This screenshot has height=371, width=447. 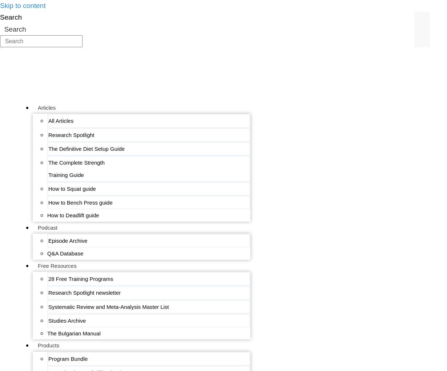 What do you see at coordinates (76, 162) in the screenshot?
I see `'The Complete Strength'` at bounding box center [76, 162].